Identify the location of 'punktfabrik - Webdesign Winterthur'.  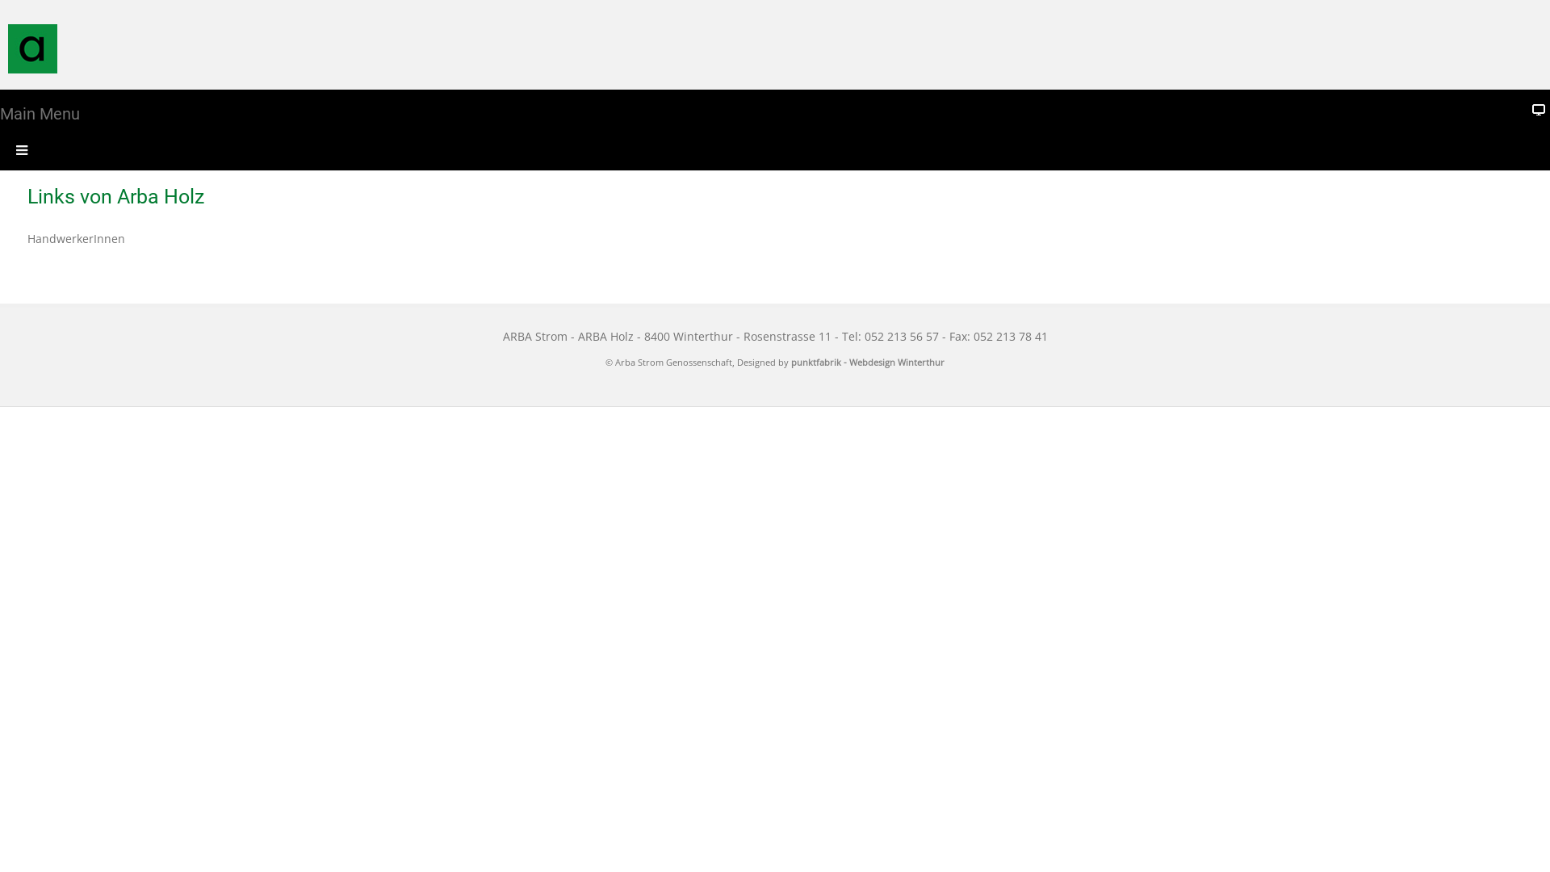
(867, 361).